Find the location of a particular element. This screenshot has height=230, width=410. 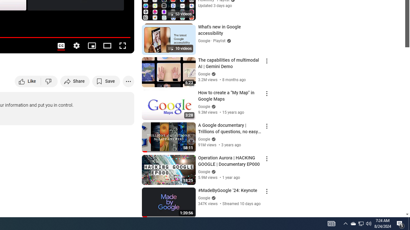

'More actions' is located at coordinates (128, 81).